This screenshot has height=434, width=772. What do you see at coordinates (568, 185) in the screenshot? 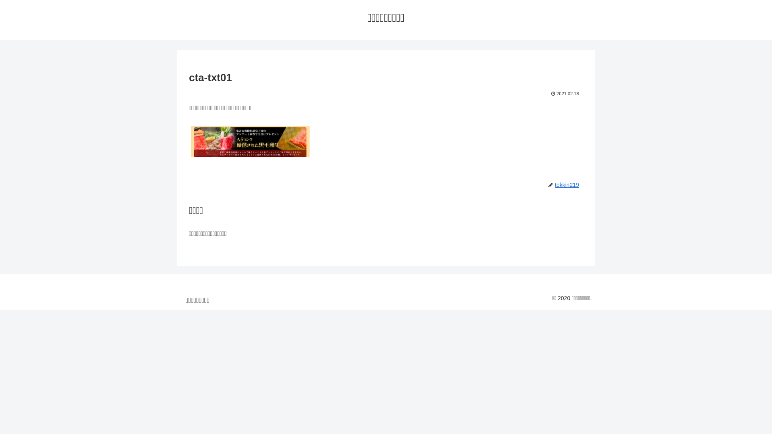
I see `'tokkin219'` at bounding box center [568, 185].